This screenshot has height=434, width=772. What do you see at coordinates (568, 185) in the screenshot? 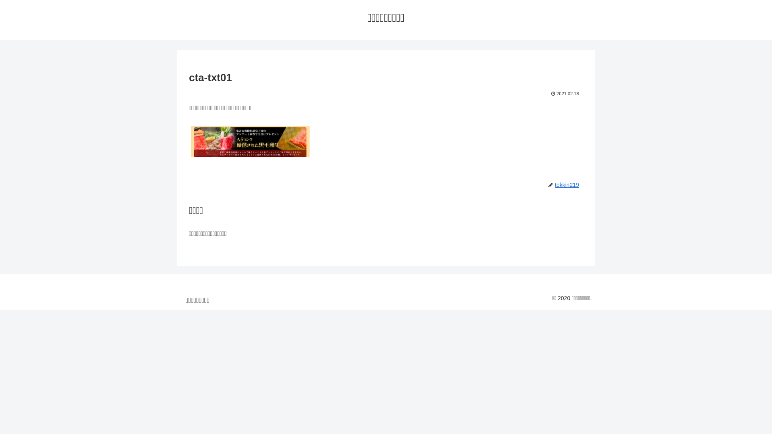
I see `'tokkin219'` at bounding box center [568, 185].